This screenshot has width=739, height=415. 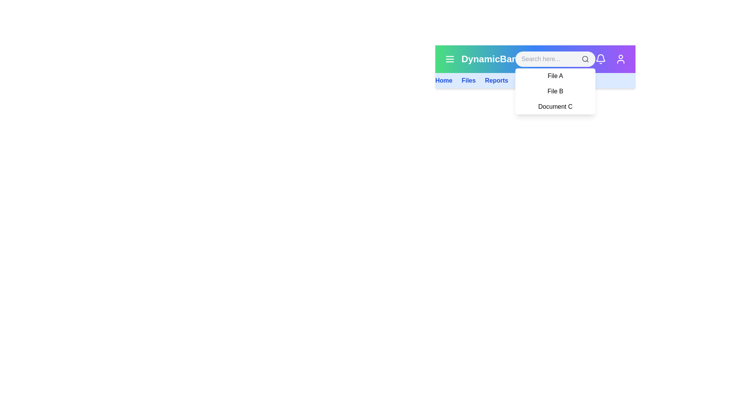 What do you see at coordinates (600, 59) in the screenshot?
I see `the bell icon to view notifications` at bounding box center [600, 59].